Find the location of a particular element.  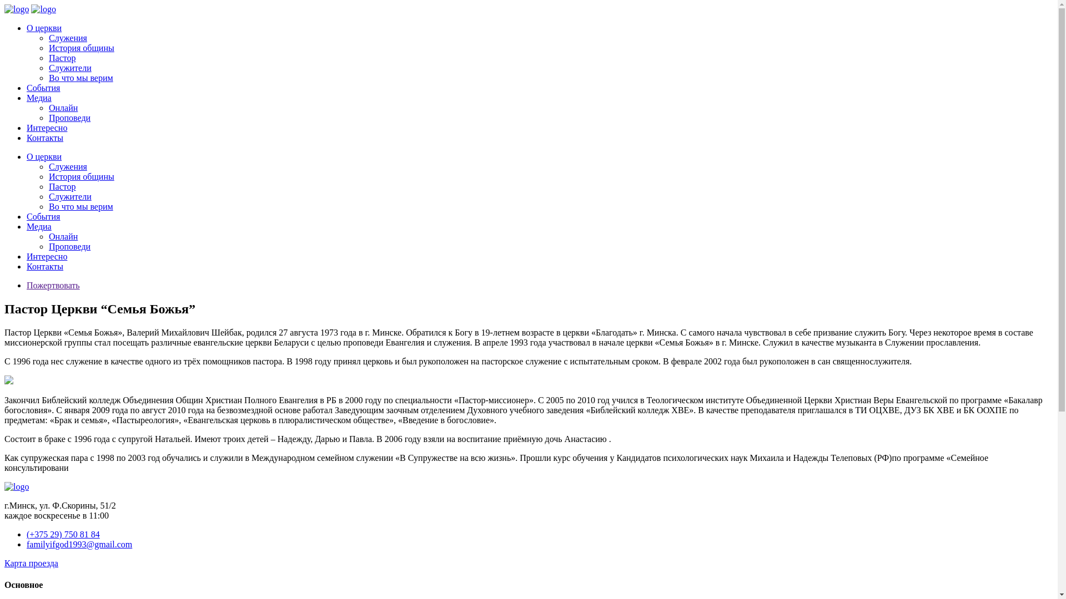

'familyifgod1993@gmail.com' is located at coordinates (79, 544).